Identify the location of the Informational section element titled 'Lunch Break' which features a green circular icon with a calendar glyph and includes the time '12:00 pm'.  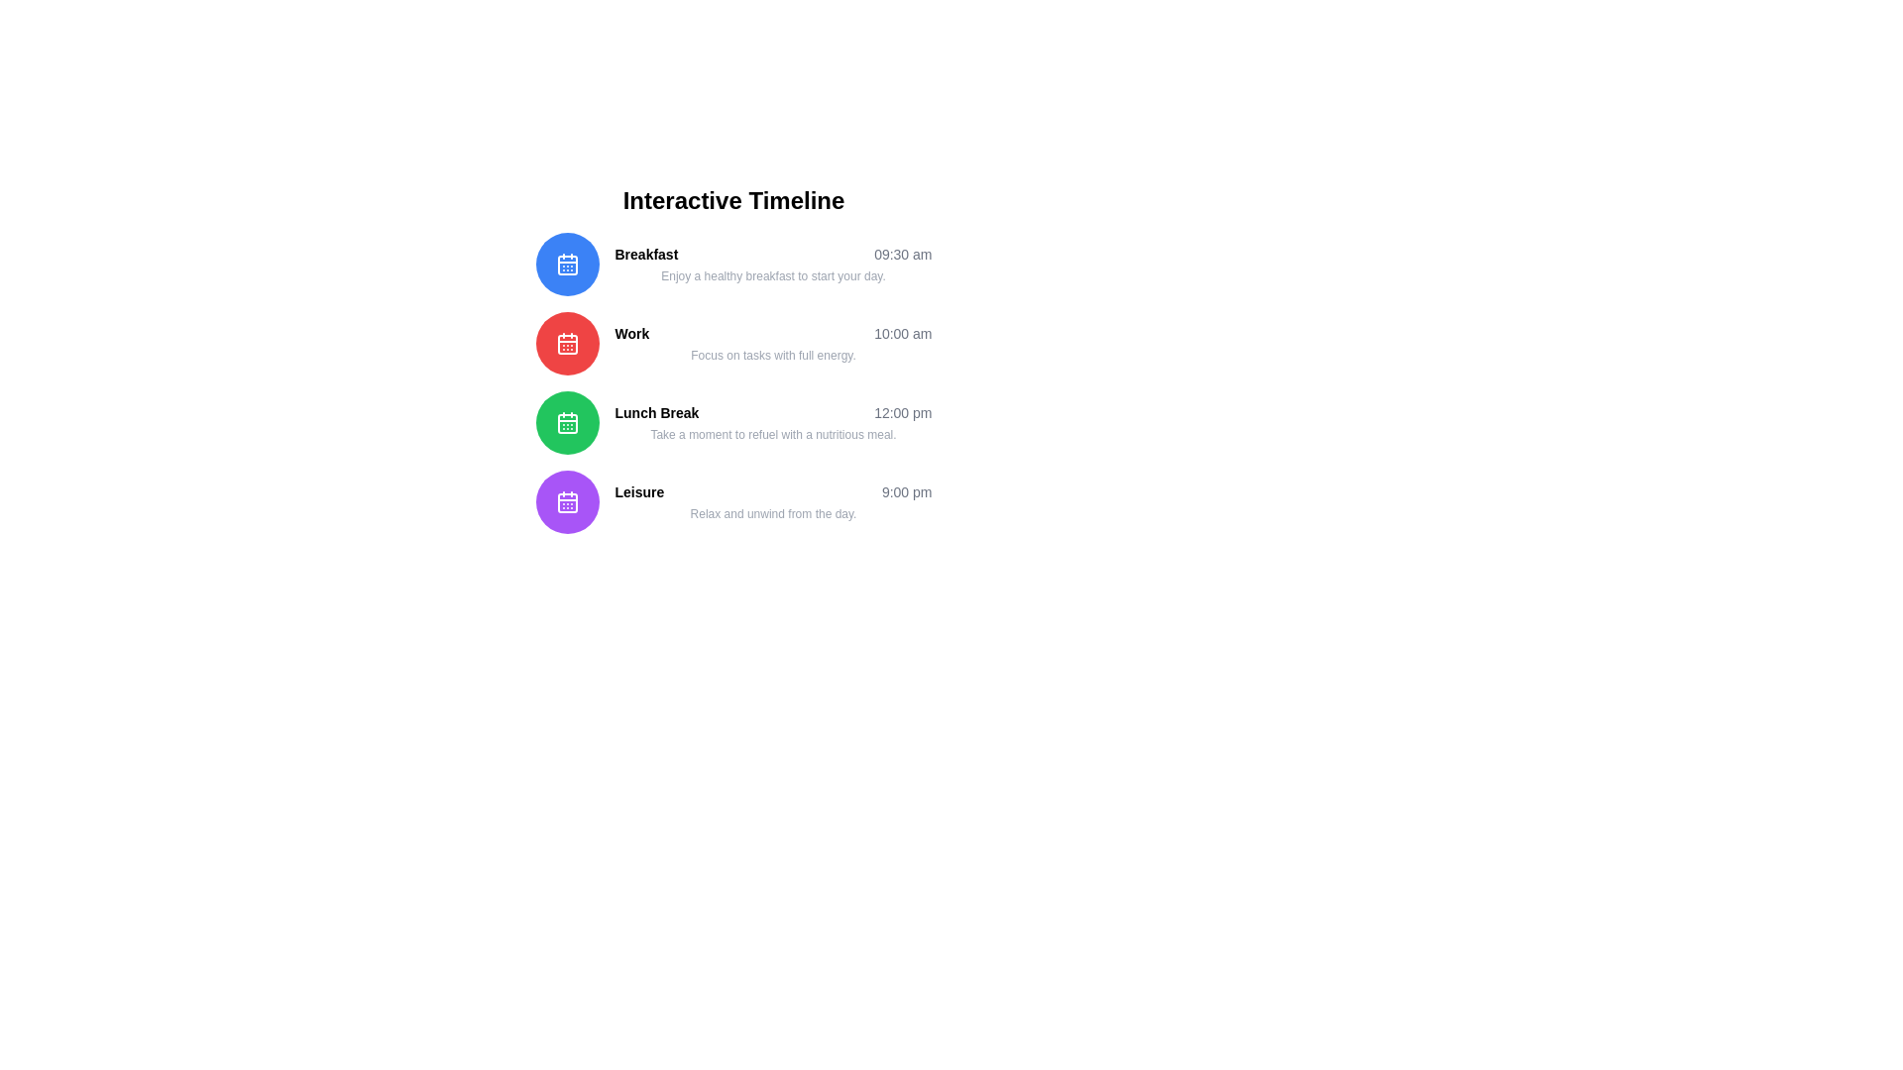
(732, 422).